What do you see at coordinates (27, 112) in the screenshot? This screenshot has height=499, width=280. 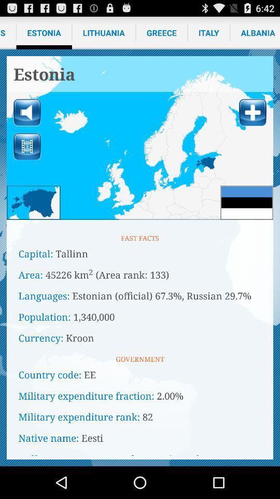 I see `turn up the volume` at bounding box center [27, 112].